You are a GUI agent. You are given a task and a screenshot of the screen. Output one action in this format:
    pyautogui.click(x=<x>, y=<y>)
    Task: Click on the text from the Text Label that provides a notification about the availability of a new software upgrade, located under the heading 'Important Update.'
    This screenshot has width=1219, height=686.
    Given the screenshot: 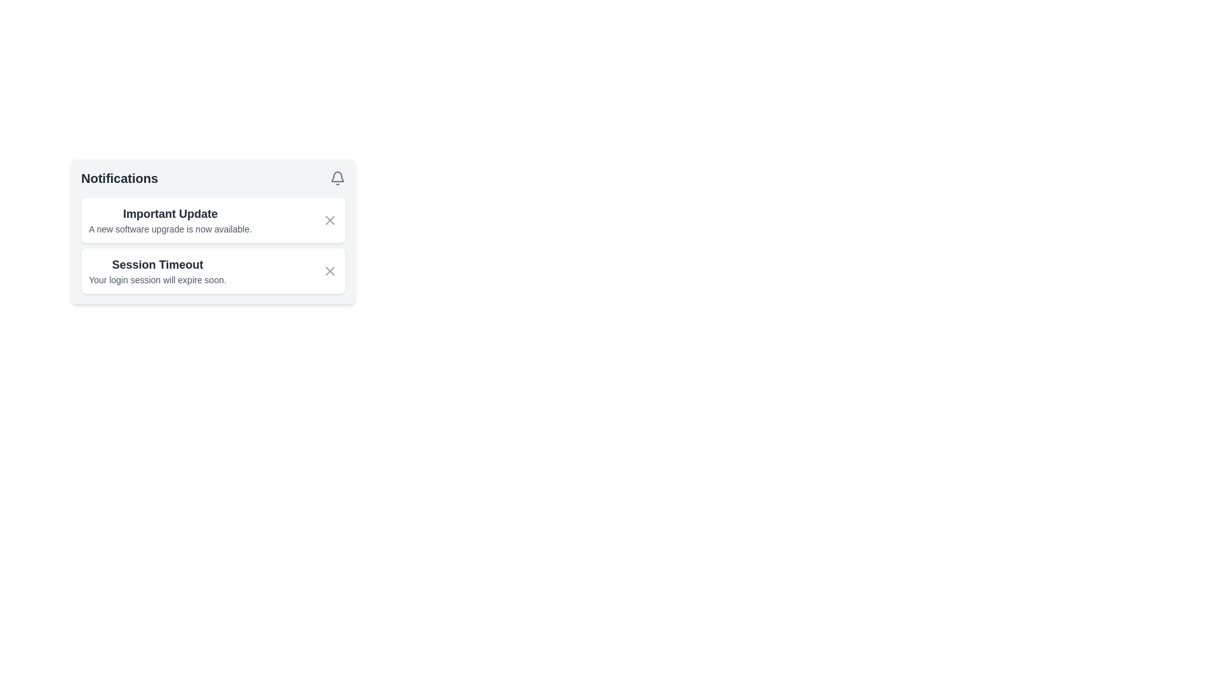 What is the action you would take?
    pyautogui.click(x=170, y=229)
    